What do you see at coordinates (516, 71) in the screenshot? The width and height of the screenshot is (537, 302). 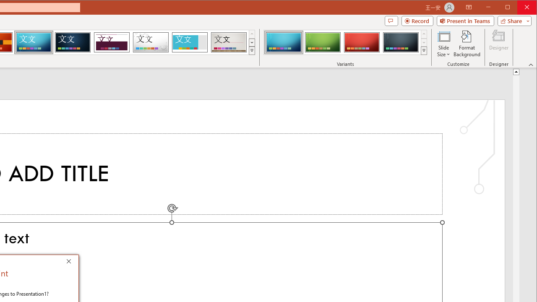 I see `'Line up'` at bounding box center [516, 71].